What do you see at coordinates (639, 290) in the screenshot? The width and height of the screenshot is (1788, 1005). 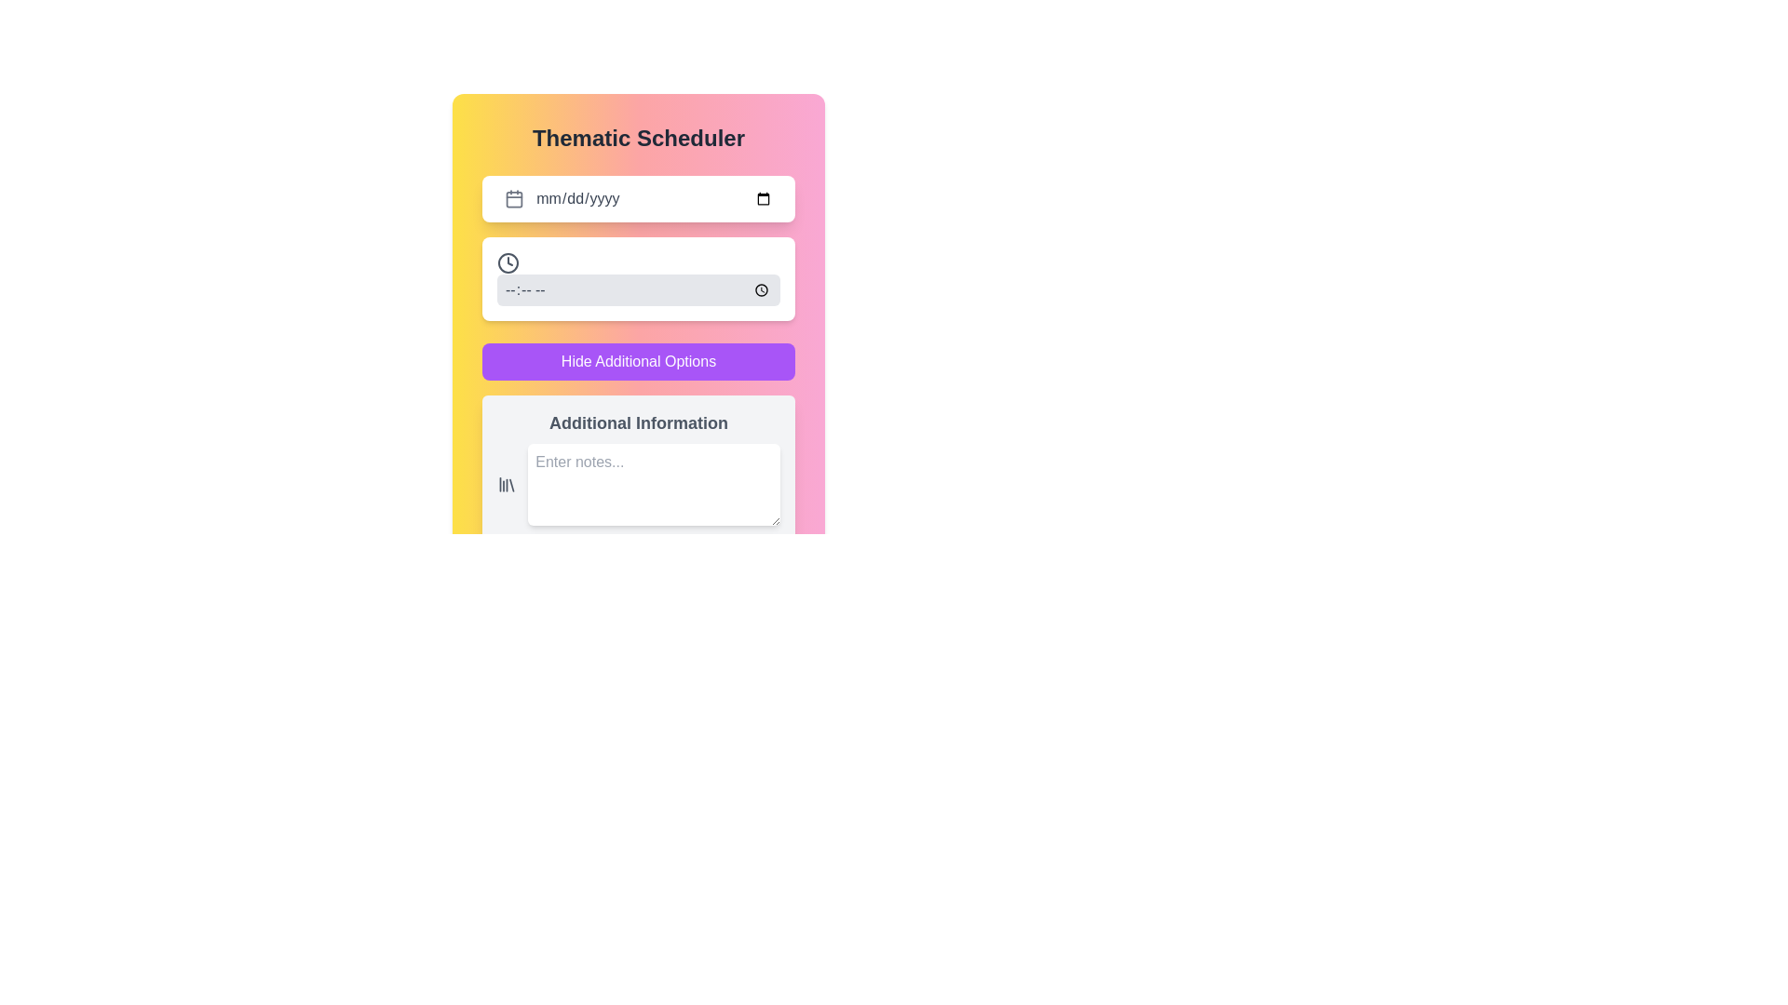 I see `the Time input field to focus and allow for time entry` at bounding box center [639, 290].